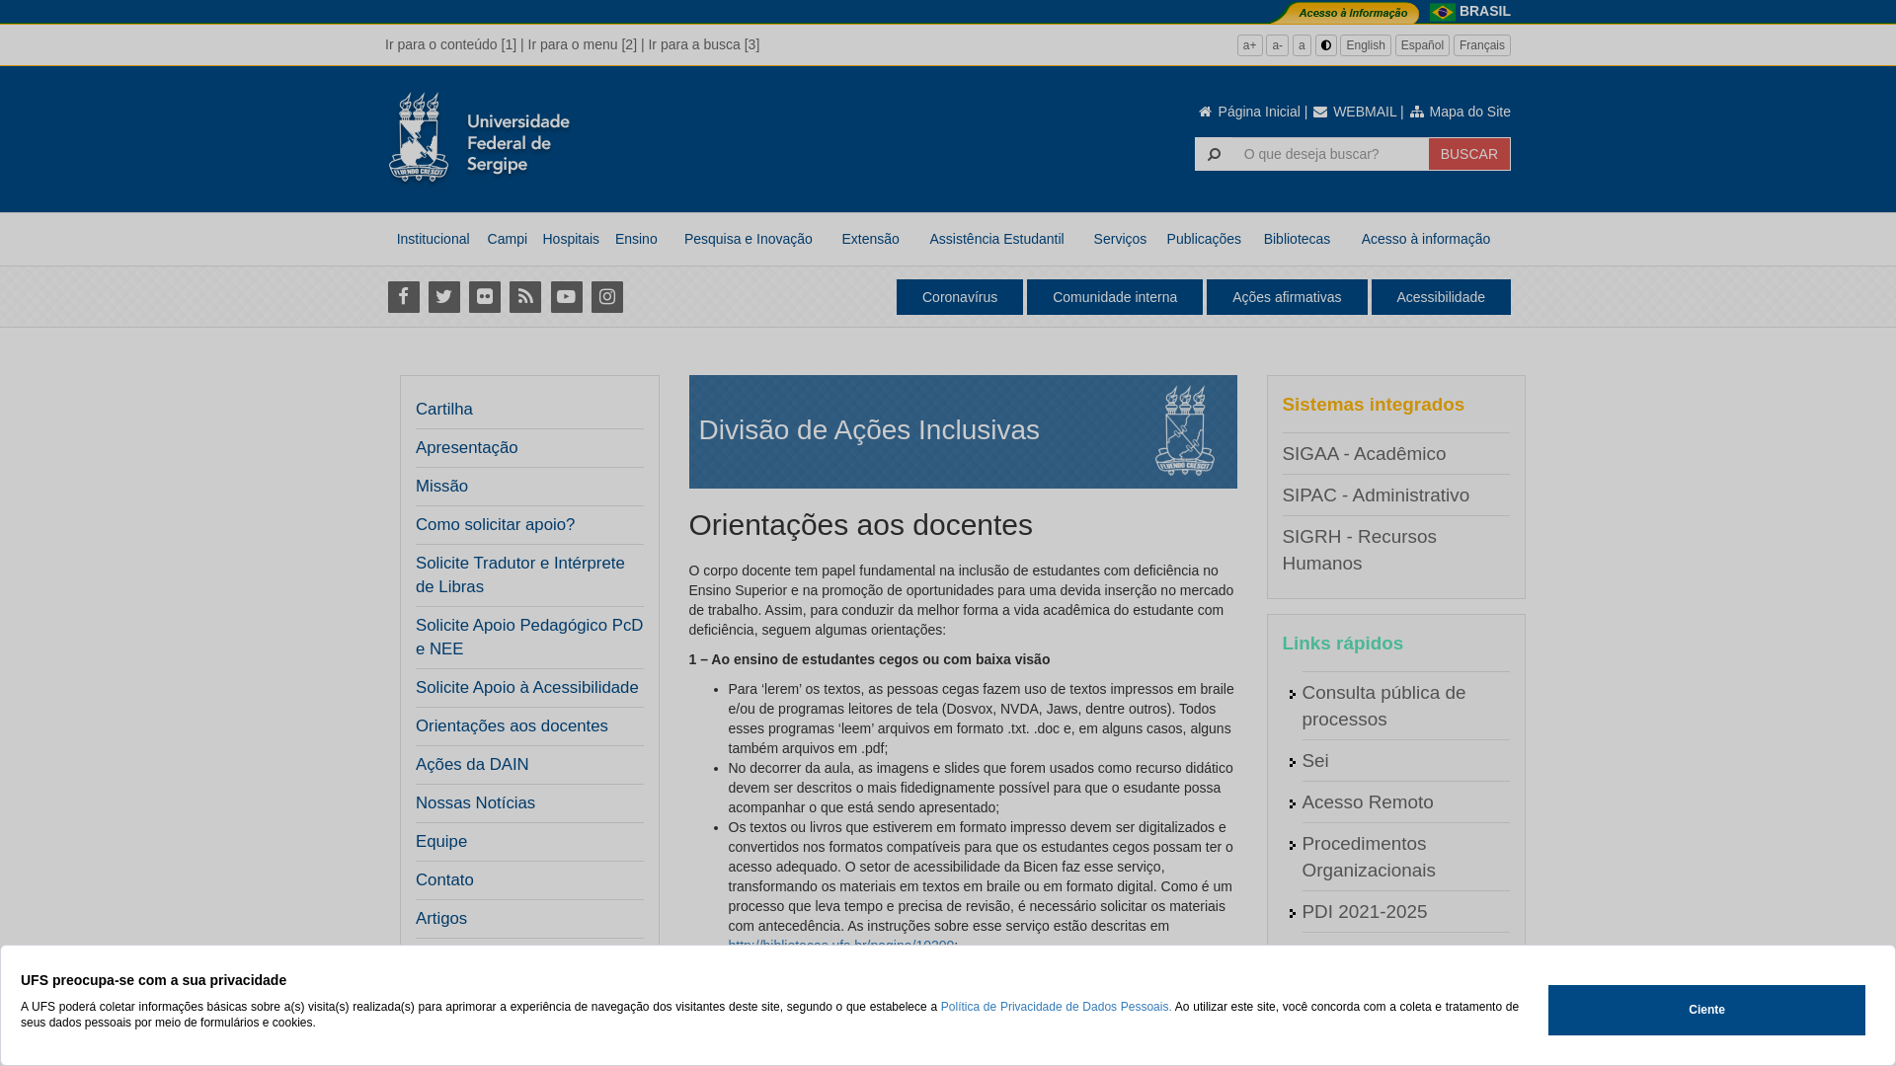 The image size is (1896, 1066). I want to click on 'Youtube', so click(565, 296).